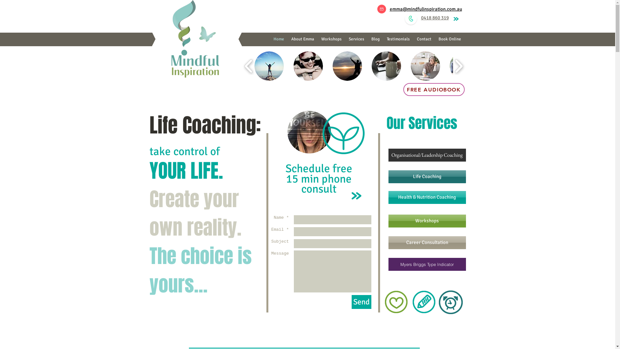 The height and width of the screenshot is (349, 620). What do you see at coordinates (427, 177) in the screenshot?
I see `'Life Coaching'` at bounding box center [427, 177].